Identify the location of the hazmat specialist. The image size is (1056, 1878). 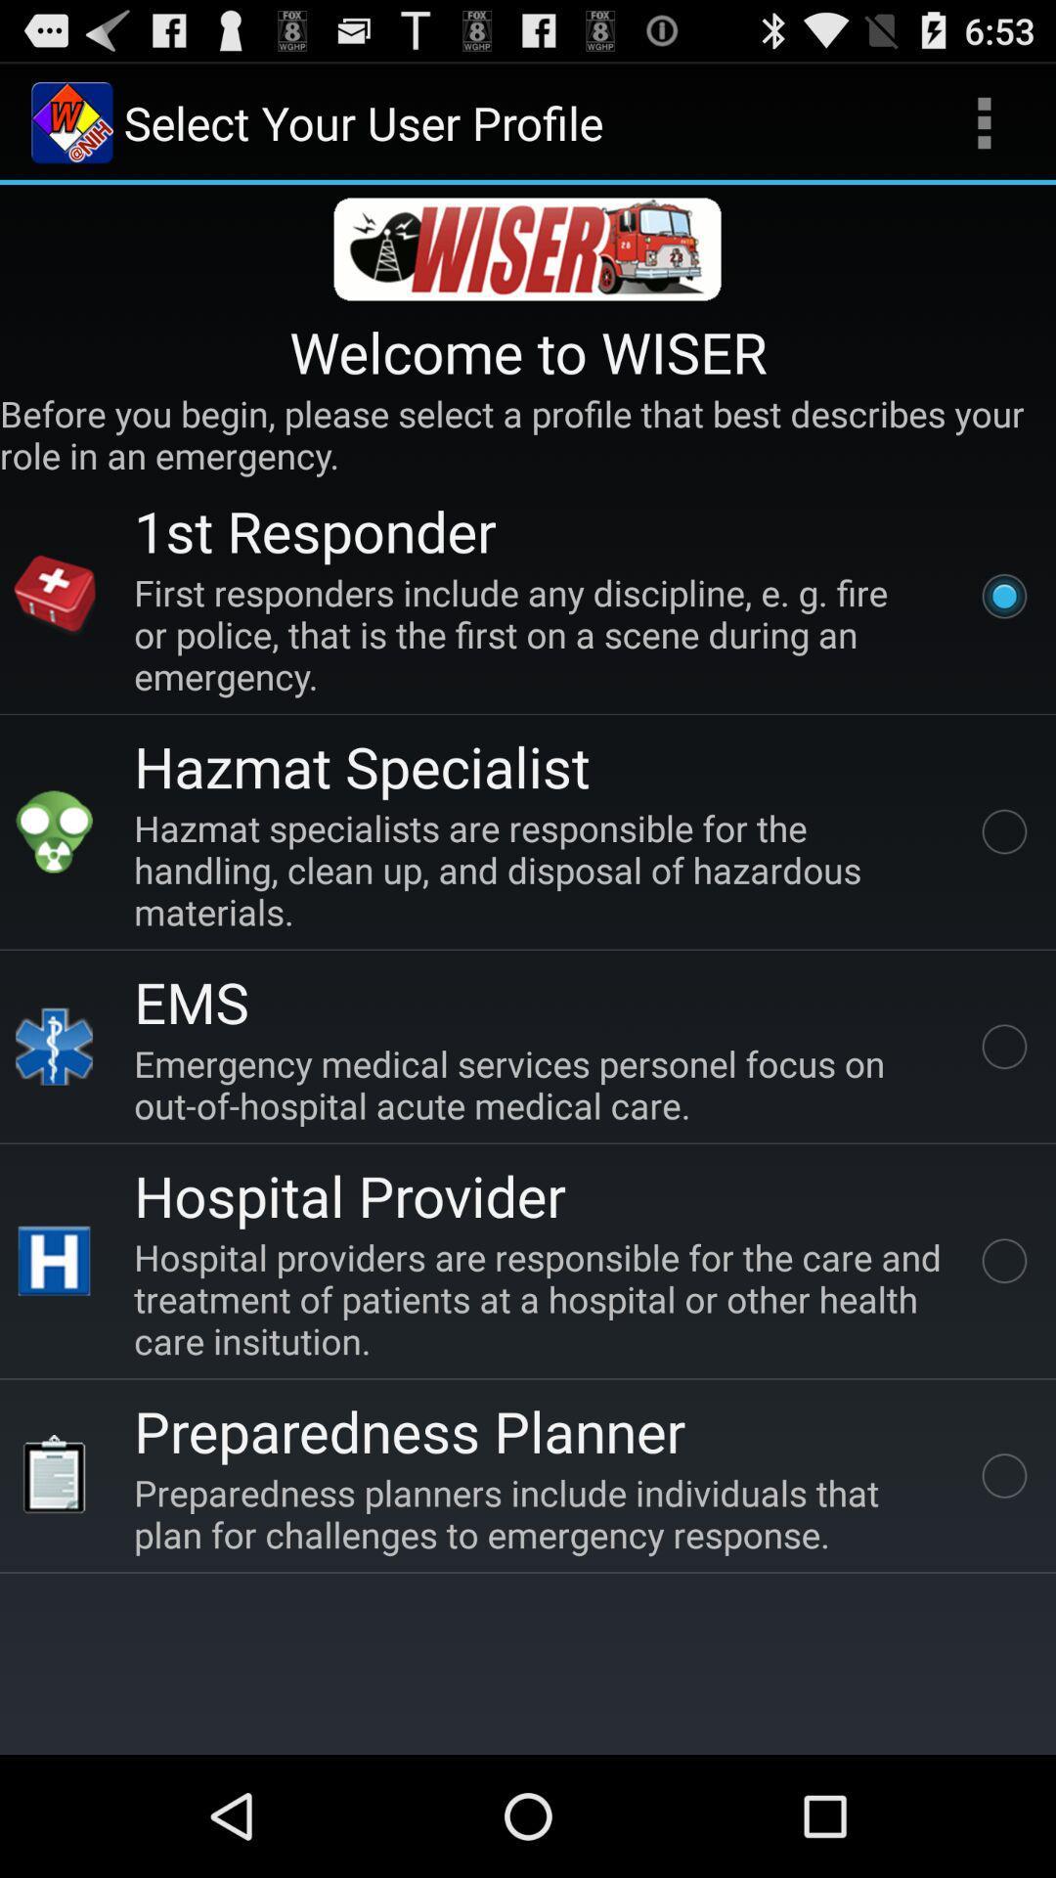
(362, 765).